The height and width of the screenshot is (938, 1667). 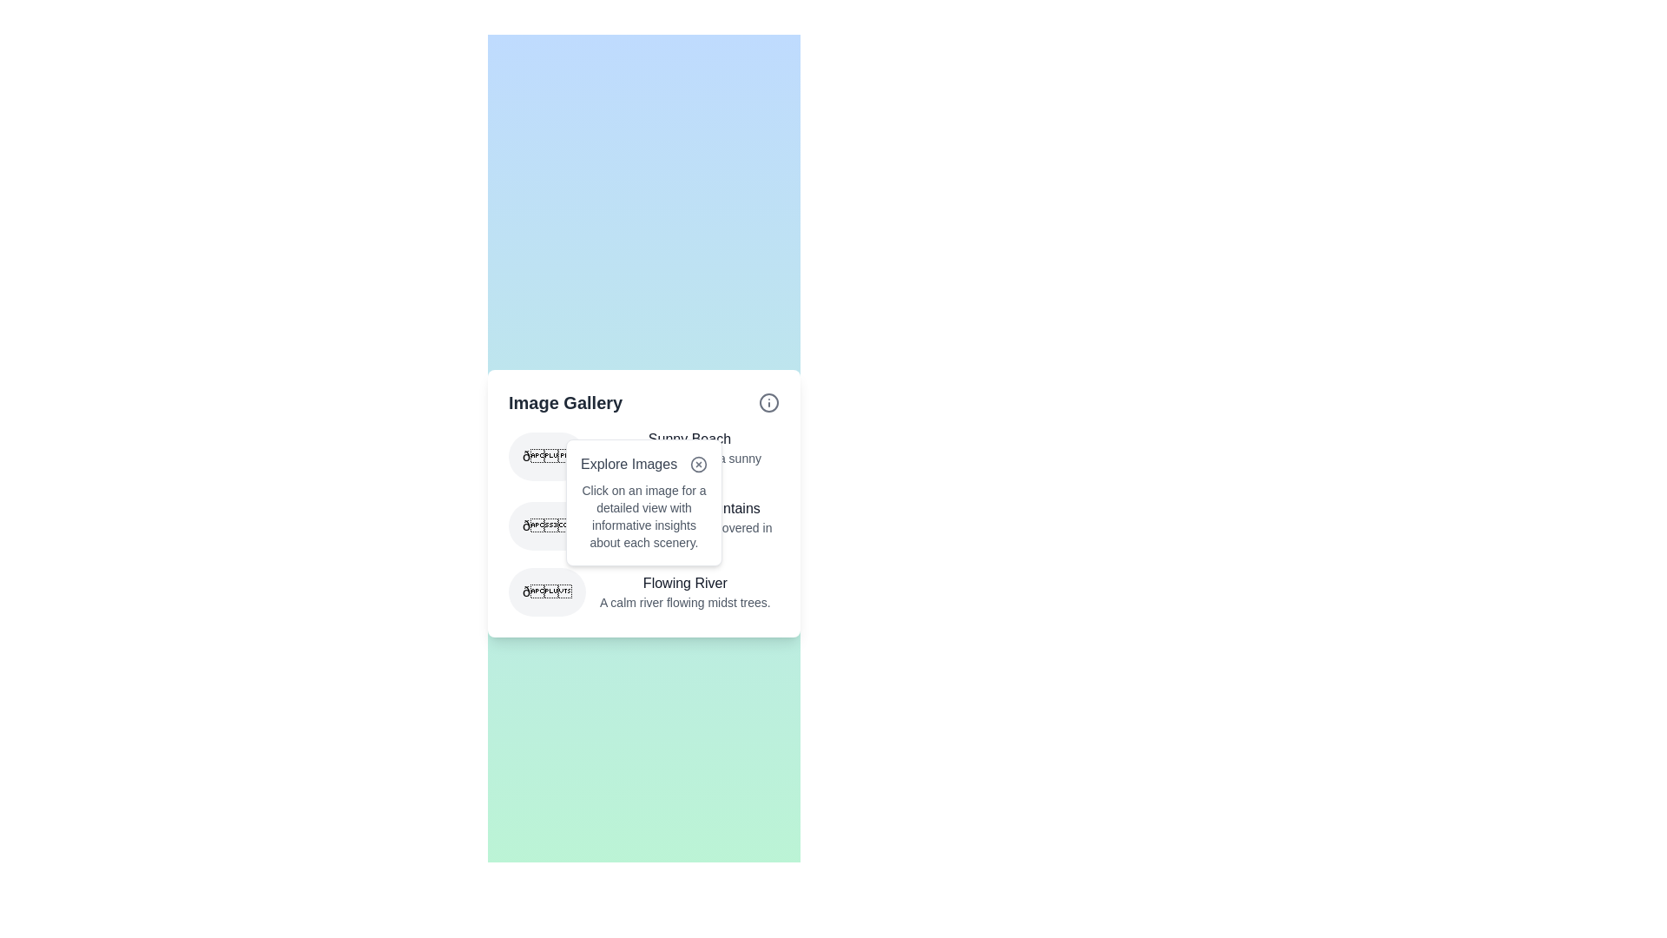 What do you see at coordinates (684, 583) in the screenshot?
I see `the 'Flowing River' text label, which is a black medium-weight font element centered at the top of its card in the 'Image Gallery' section` at bounding box center [684, 583].